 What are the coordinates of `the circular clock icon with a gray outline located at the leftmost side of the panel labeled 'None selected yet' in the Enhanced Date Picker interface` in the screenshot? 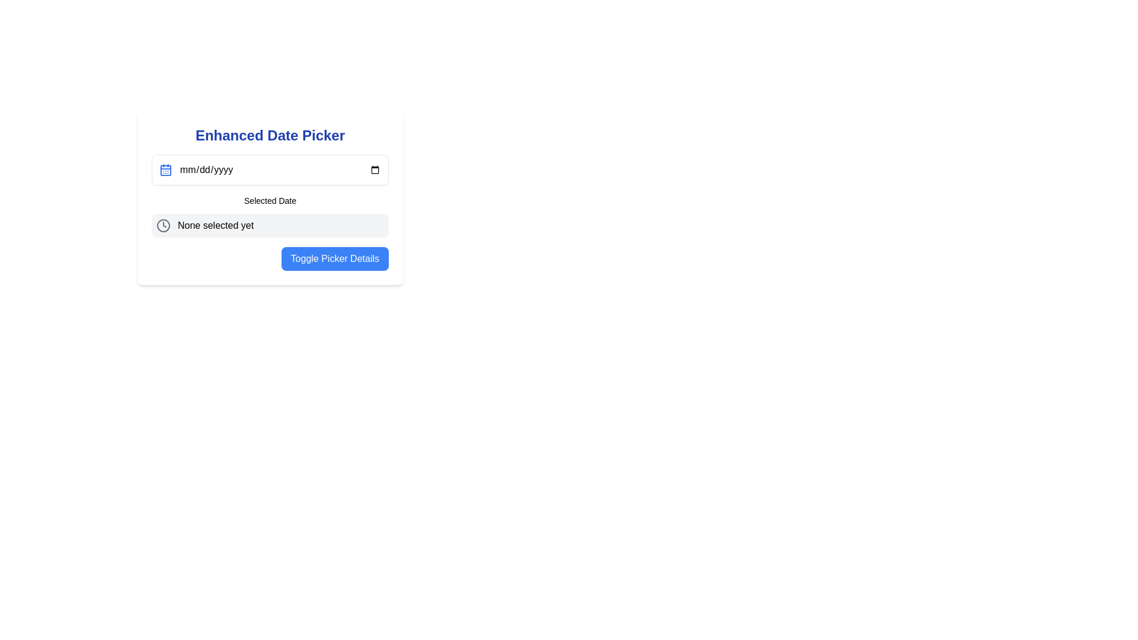 It's located at (162, 226).